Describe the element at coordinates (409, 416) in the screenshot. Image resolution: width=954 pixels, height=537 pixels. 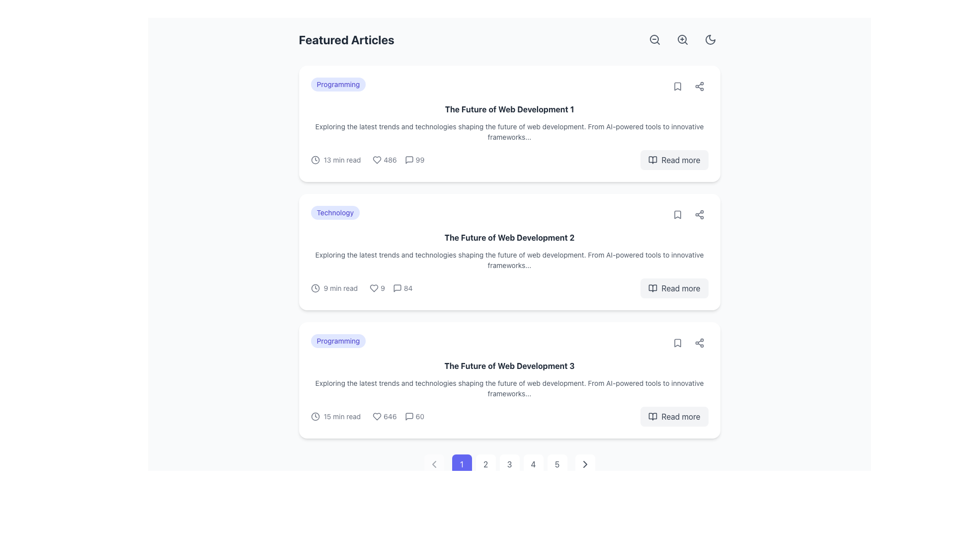
I see `speech bubble icon located at the first position in the horizontal group next to the numeric label '60' on 'The Future of Web Development 3' card` at that location.